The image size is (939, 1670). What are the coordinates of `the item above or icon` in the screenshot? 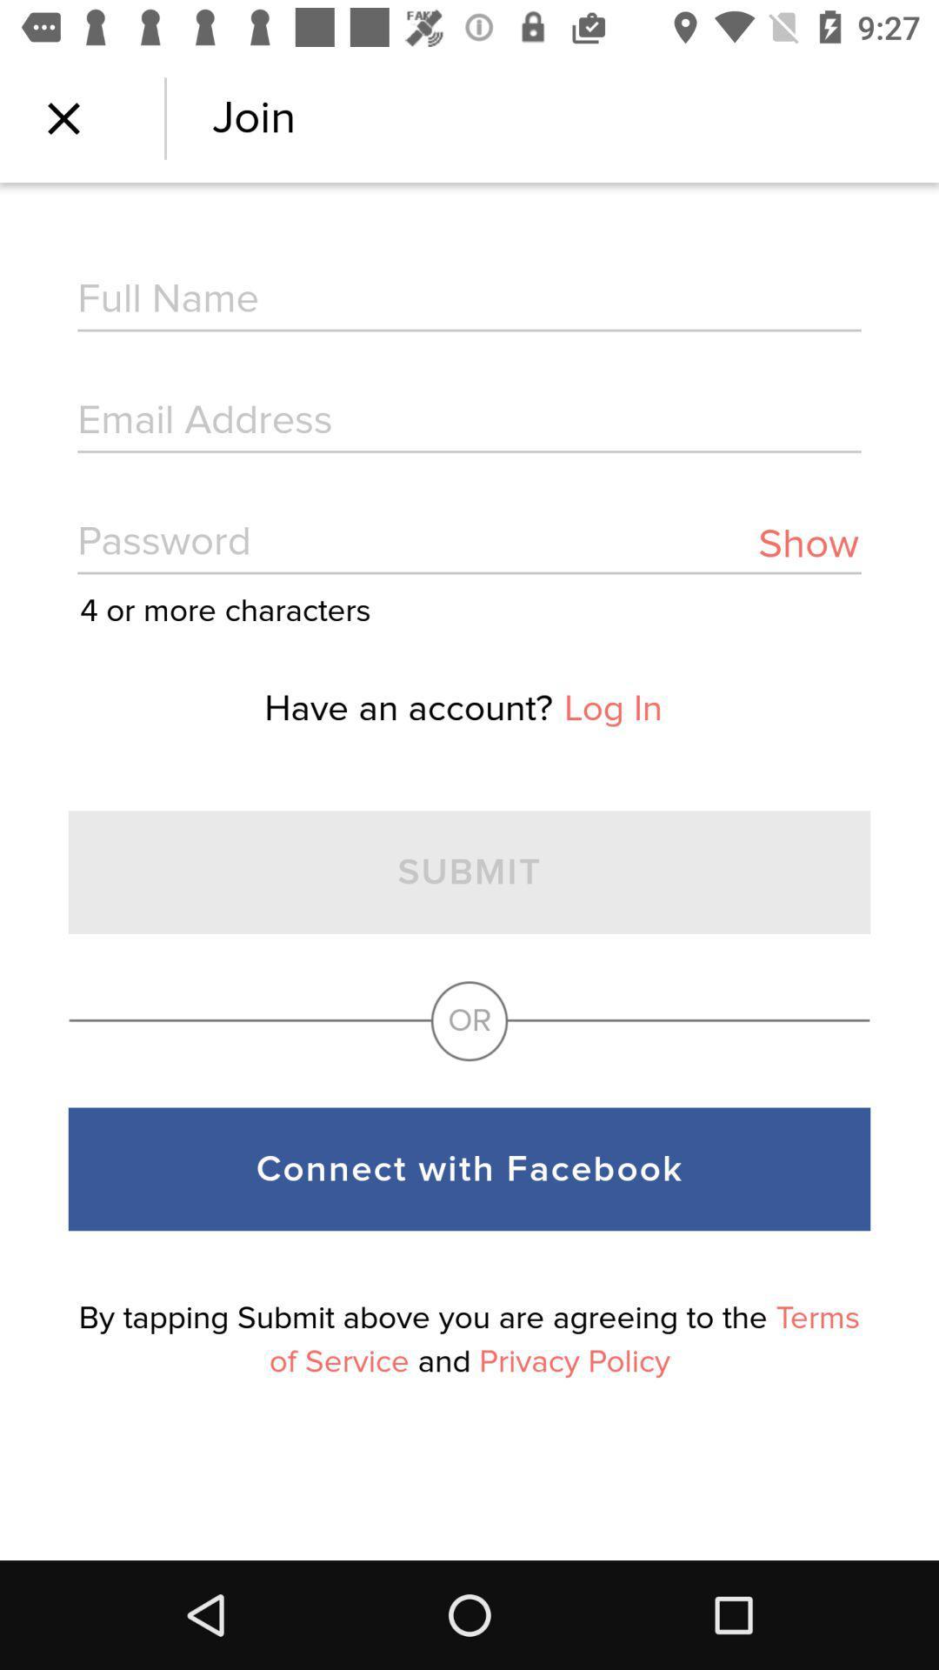 It's located at (612, 709).